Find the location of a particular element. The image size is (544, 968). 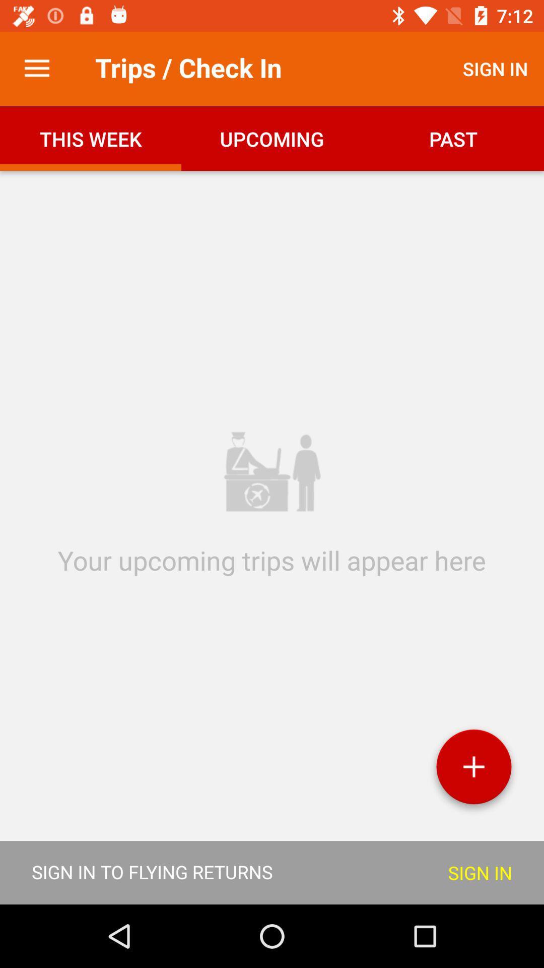

icon above sign in icon is located at coordinates (473, 770).